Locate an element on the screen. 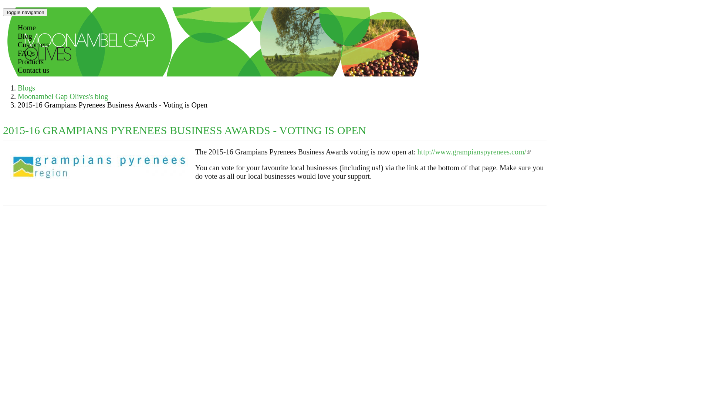  'Skip to main content' is located at coordinates (3, 7).